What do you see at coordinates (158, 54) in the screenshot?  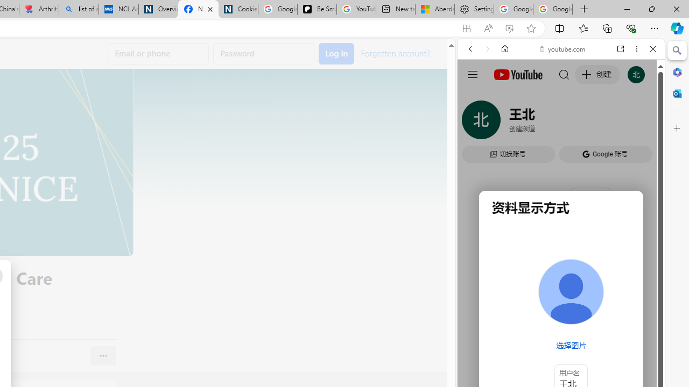 I see `'Email or phone'` at bounding box center [158, 54].